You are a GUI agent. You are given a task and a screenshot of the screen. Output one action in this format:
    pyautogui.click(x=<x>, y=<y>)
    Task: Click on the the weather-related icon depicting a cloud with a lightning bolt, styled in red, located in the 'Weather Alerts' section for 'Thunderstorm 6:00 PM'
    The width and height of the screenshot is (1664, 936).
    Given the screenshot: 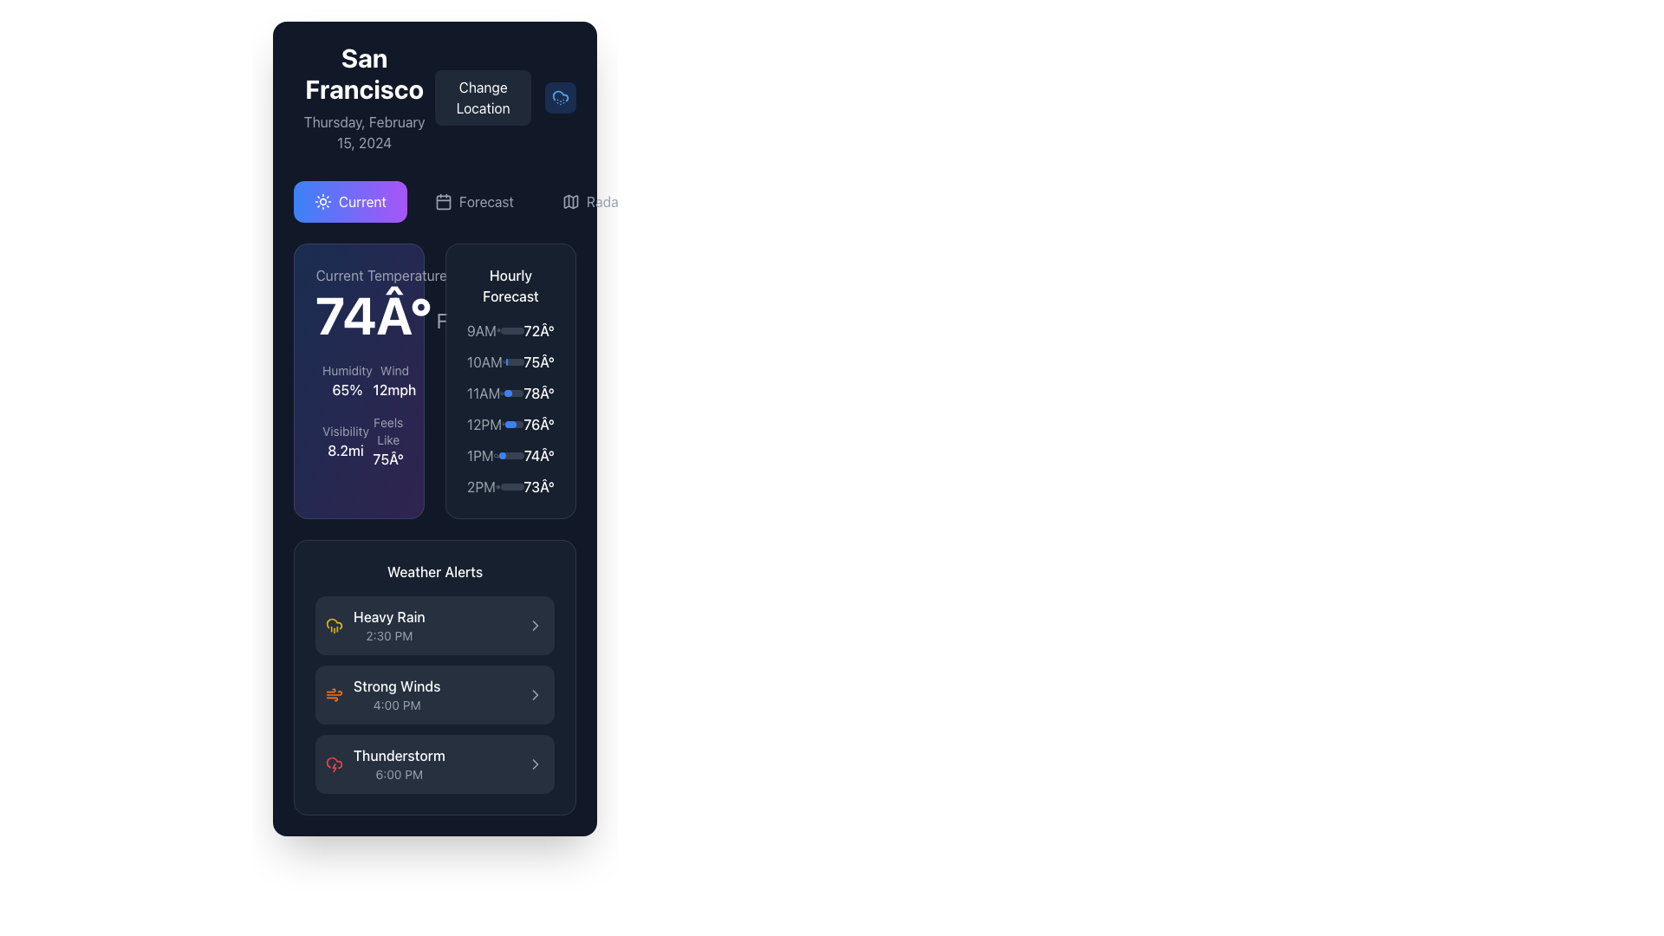 What is the action you would take?
    pyautogui.click(x=334, y=764)
    